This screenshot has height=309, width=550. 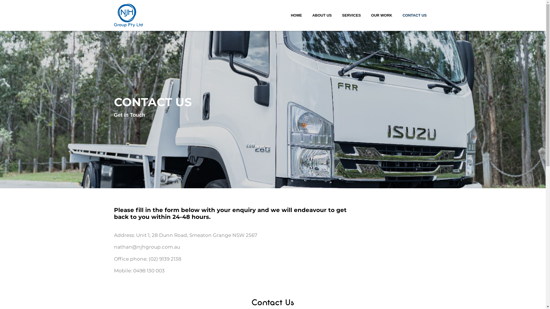 I want to click on 'OUR WORK', so click(x=382, y=15).